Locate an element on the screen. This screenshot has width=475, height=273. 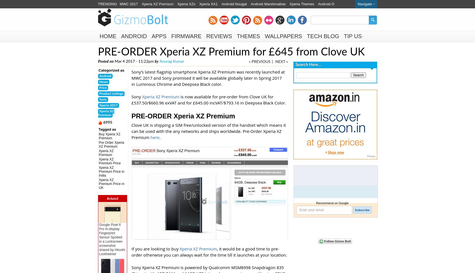
'« PREVIOUS' is located at coordinates (248, 62).